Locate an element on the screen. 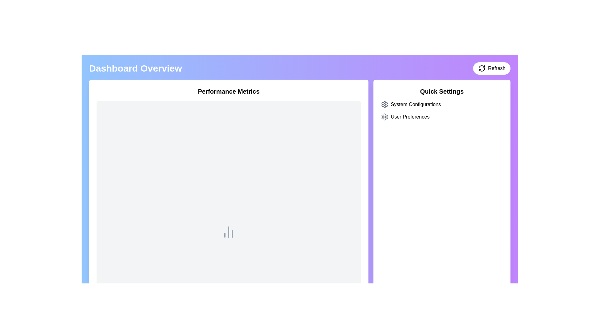 This screenshot has width=598, height=336. the circular refresh icon located inside the 'Refresh' button in the top-right corner of the interface is located at coordinates (481, 68).